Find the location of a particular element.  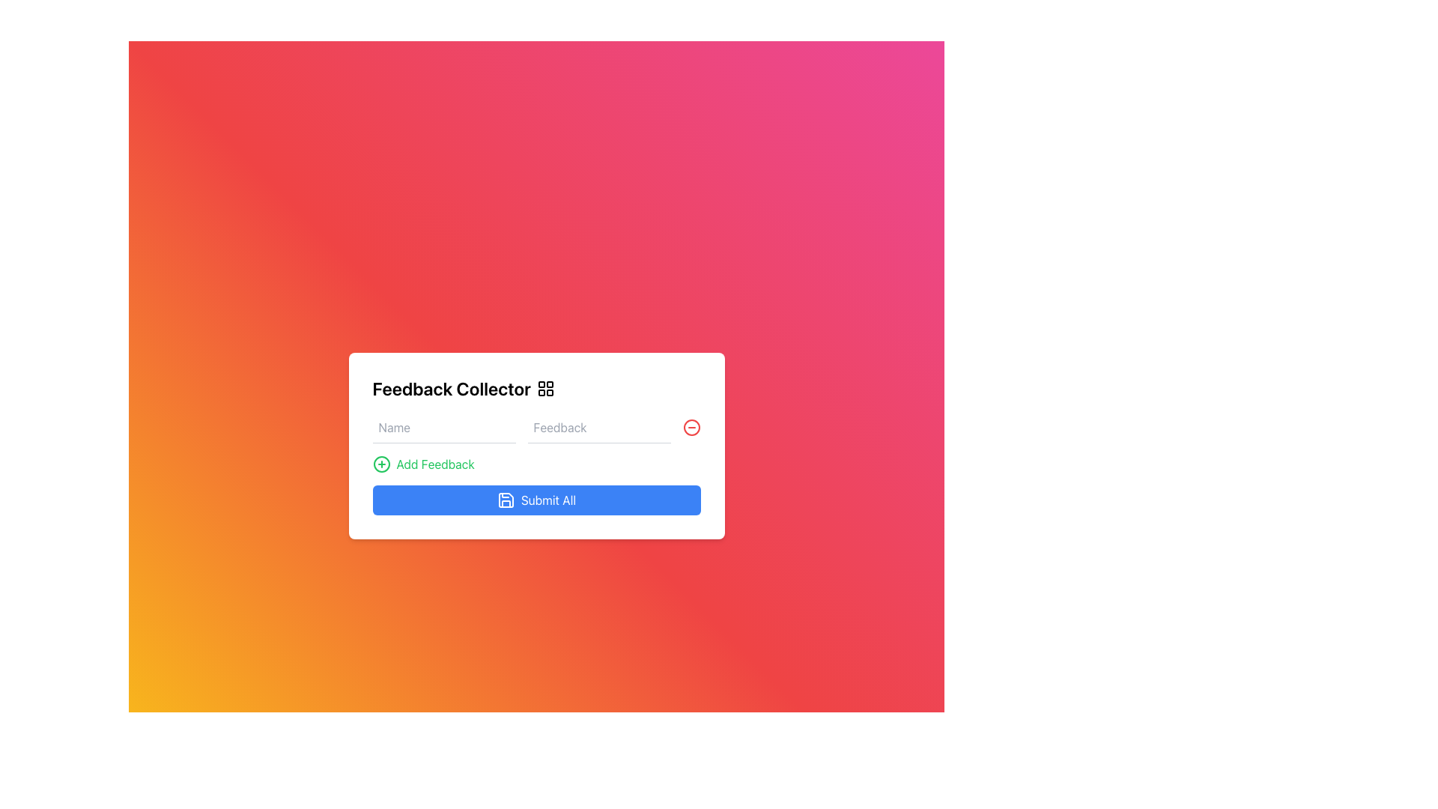

the 'Add Feedback' text label, which is displayed in green and is positioned to the right of a plus icon is located at coordinates (434, 463).